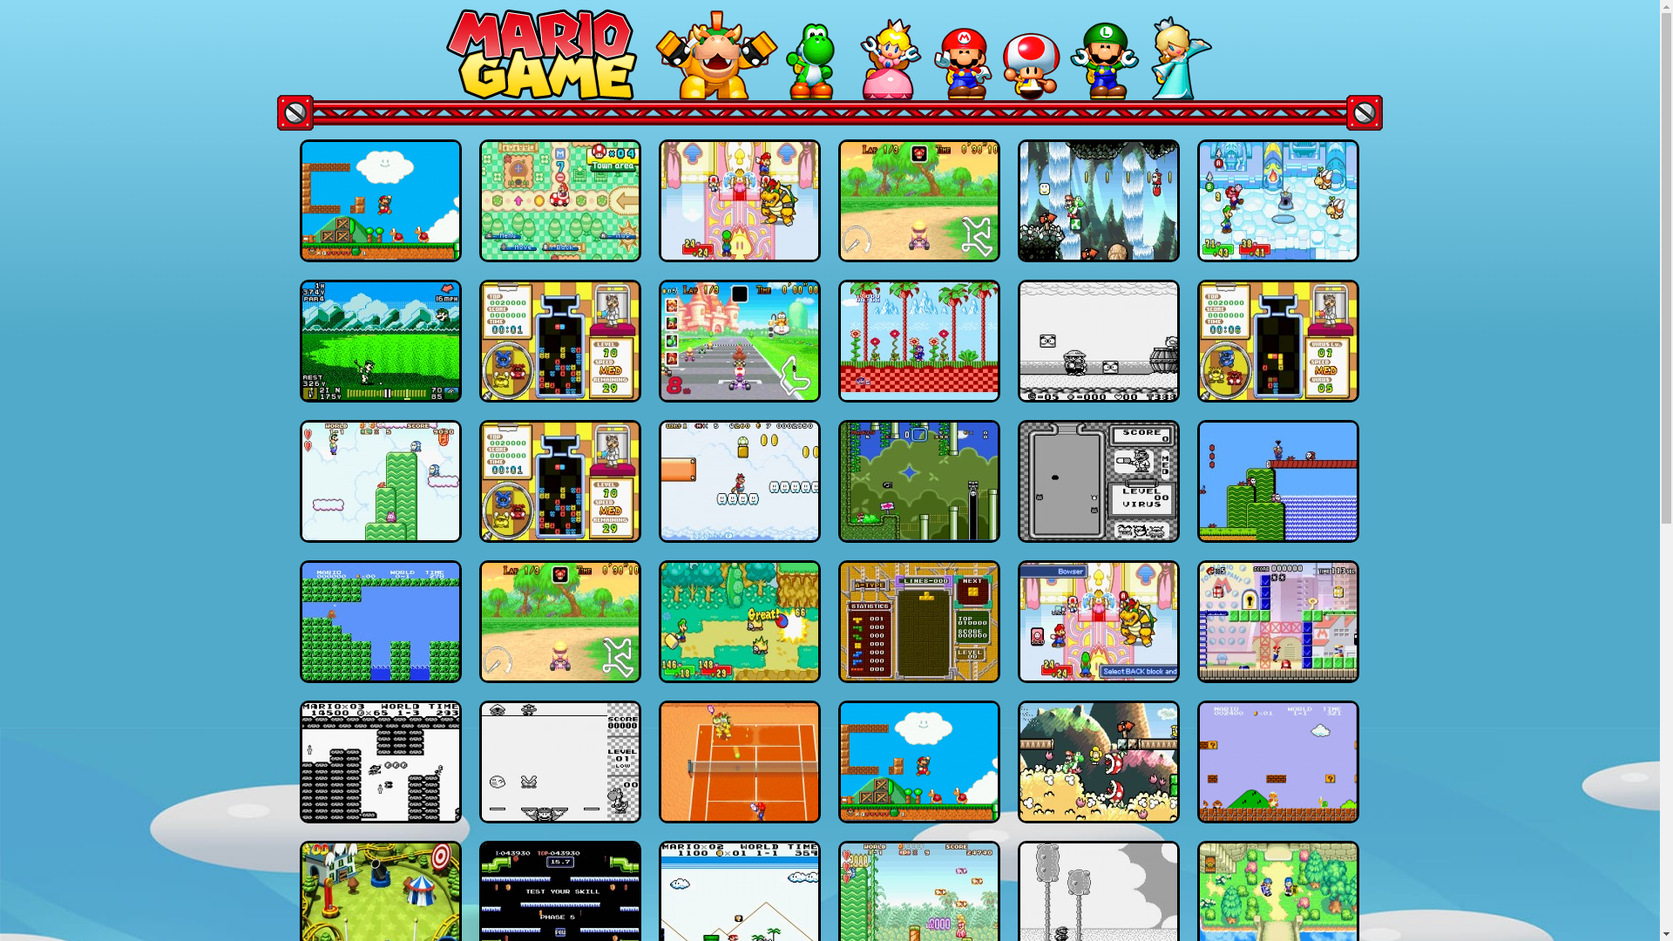  Describe the element at coordinates (560, 198) in the screenshot. I see `'Mario Party Advance'` at that location.